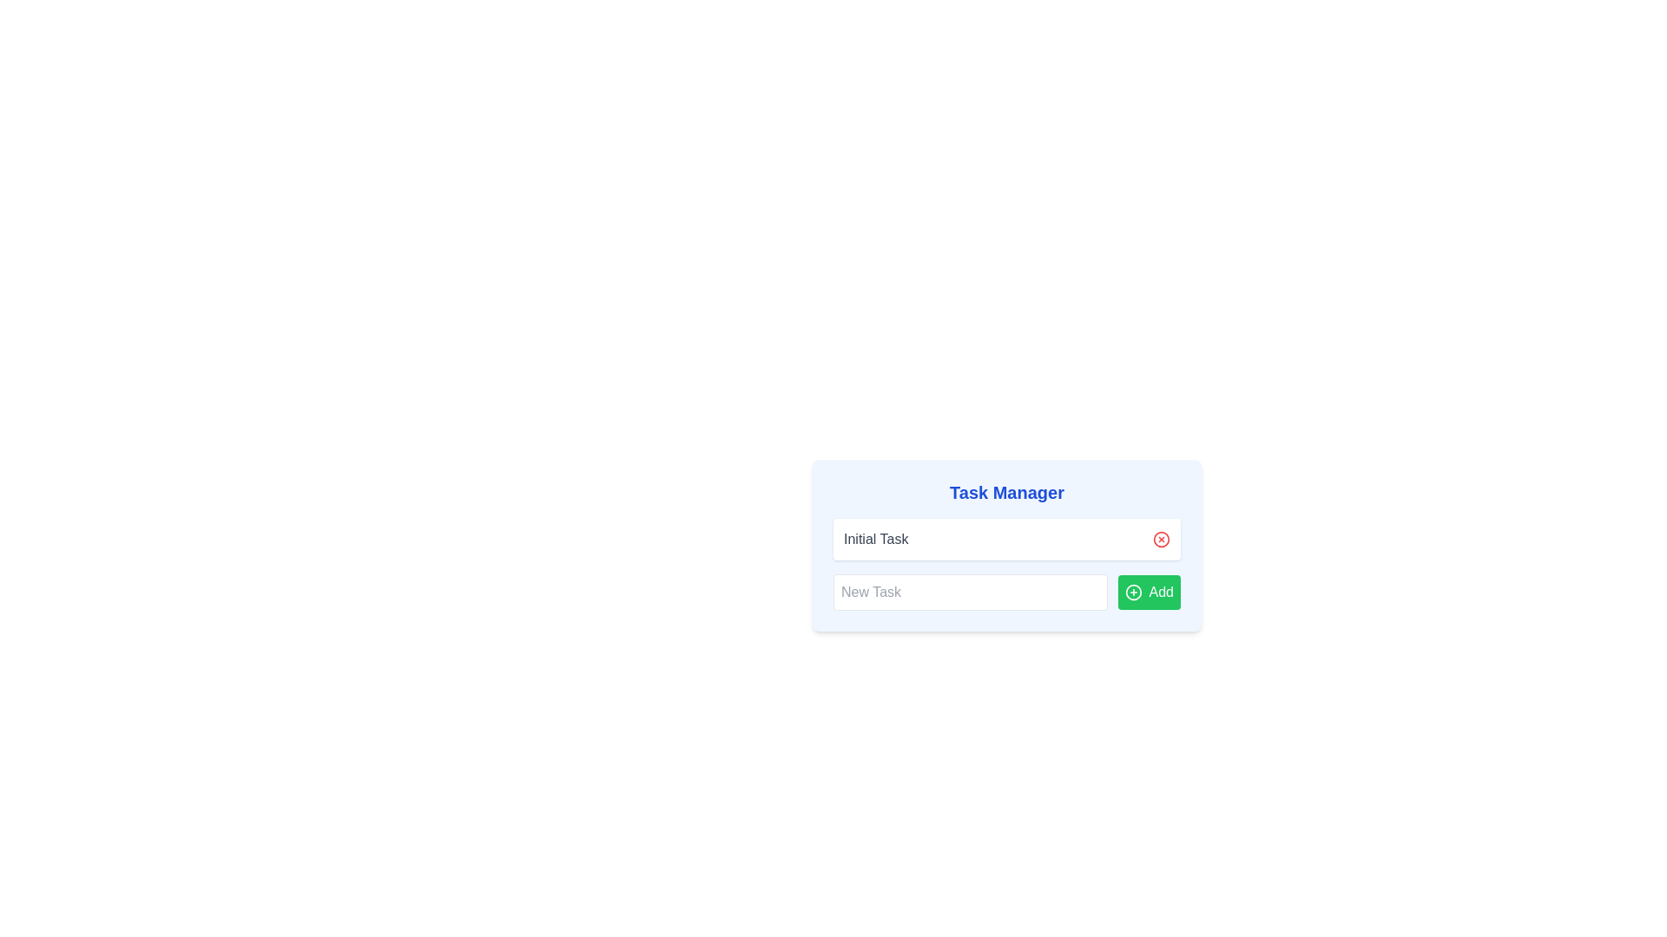 The height and width of the screenshot is (937, 1667). I want to click on keyboard navigation, so click(1149, 591).